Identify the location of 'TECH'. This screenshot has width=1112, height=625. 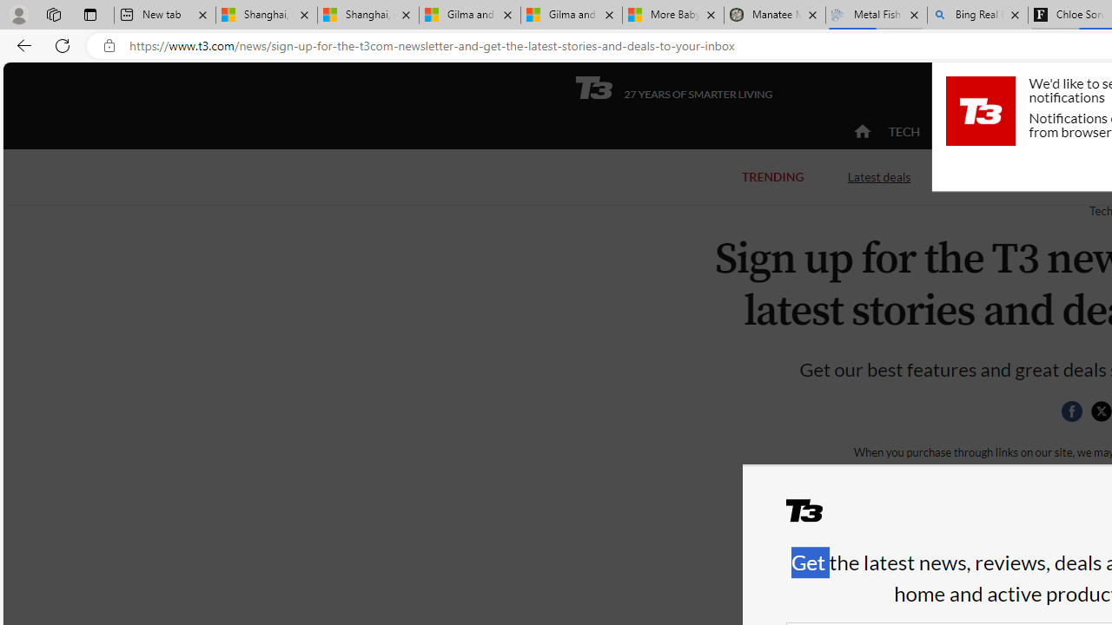
(903, 130).